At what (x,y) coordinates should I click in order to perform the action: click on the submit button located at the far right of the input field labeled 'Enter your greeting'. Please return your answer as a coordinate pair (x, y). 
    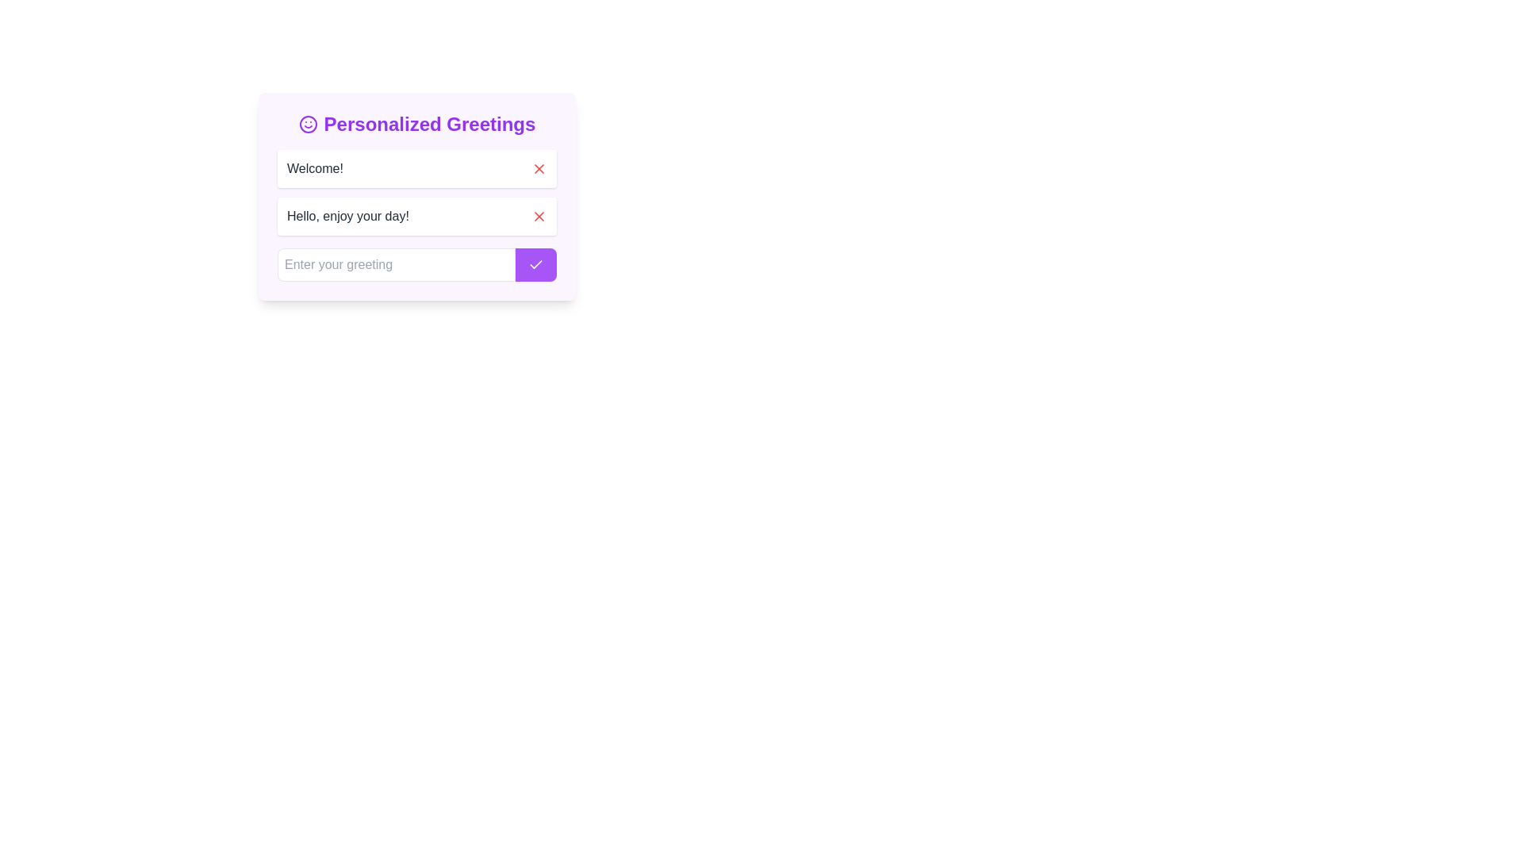
    Looking at the image, I should click on (536, 264).